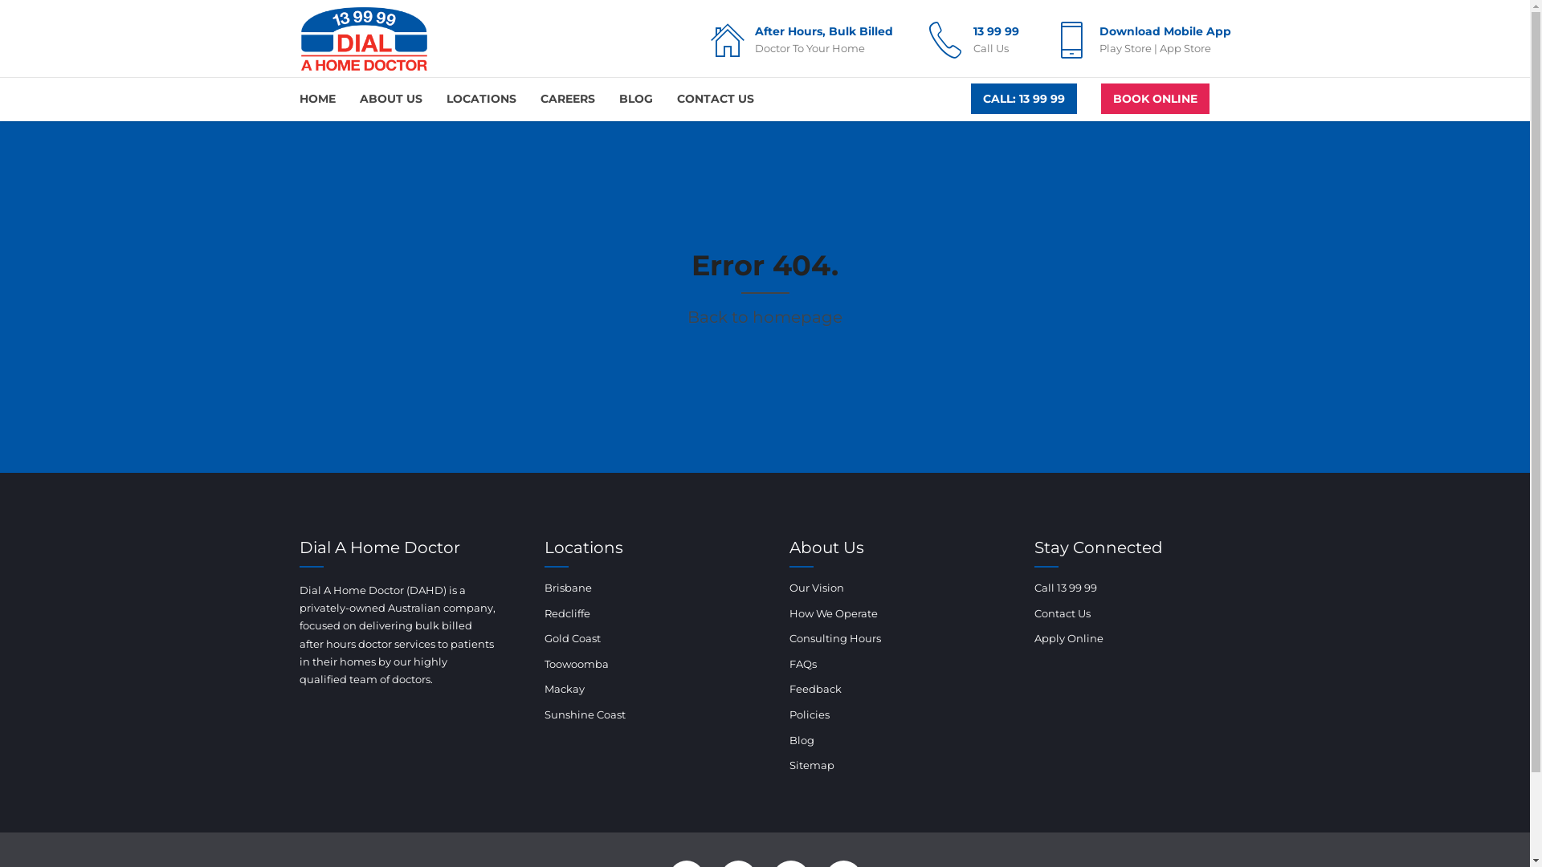 This screenshot has width=1542, height=867. Describe the element at coordinates (832, 613) in the screenshot. I see `'How We Operate'` at that location.